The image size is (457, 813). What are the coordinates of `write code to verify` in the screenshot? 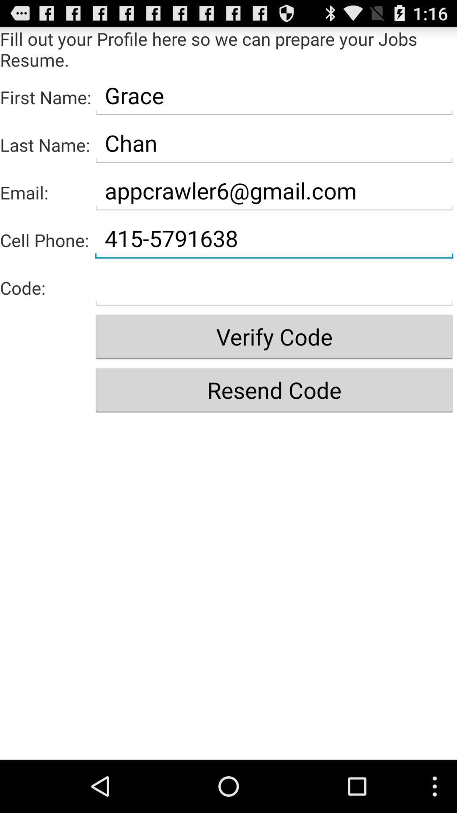 It's located at (274, 286).